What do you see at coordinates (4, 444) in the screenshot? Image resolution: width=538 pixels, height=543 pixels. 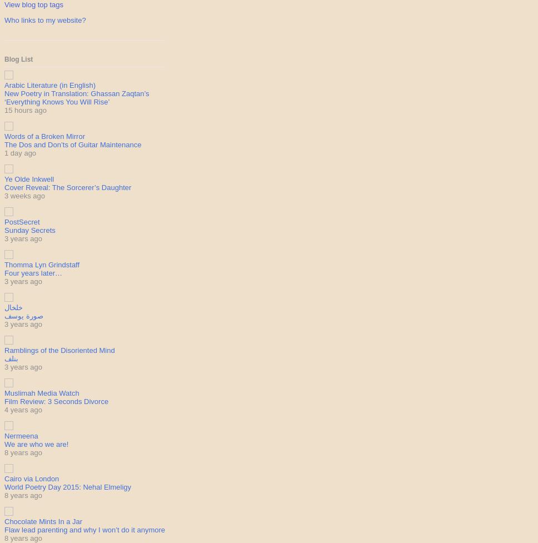 I see `'We are who we are!'` at bounding box center [4, 444].